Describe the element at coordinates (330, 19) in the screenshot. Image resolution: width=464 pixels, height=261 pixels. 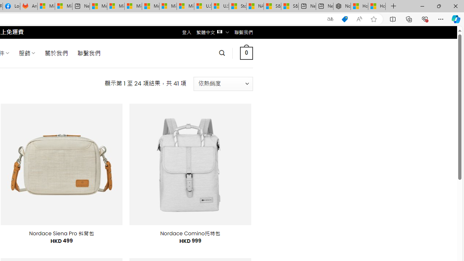
I see `'Show translate options'` at that location.